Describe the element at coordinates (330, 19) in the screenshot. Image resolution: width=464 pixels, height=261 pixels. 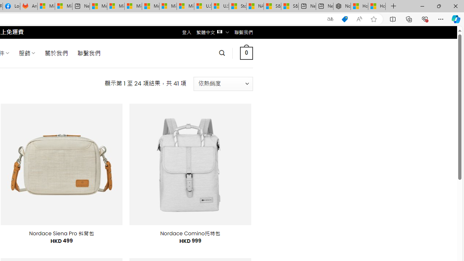
I see `'Show translate options'` at that location.